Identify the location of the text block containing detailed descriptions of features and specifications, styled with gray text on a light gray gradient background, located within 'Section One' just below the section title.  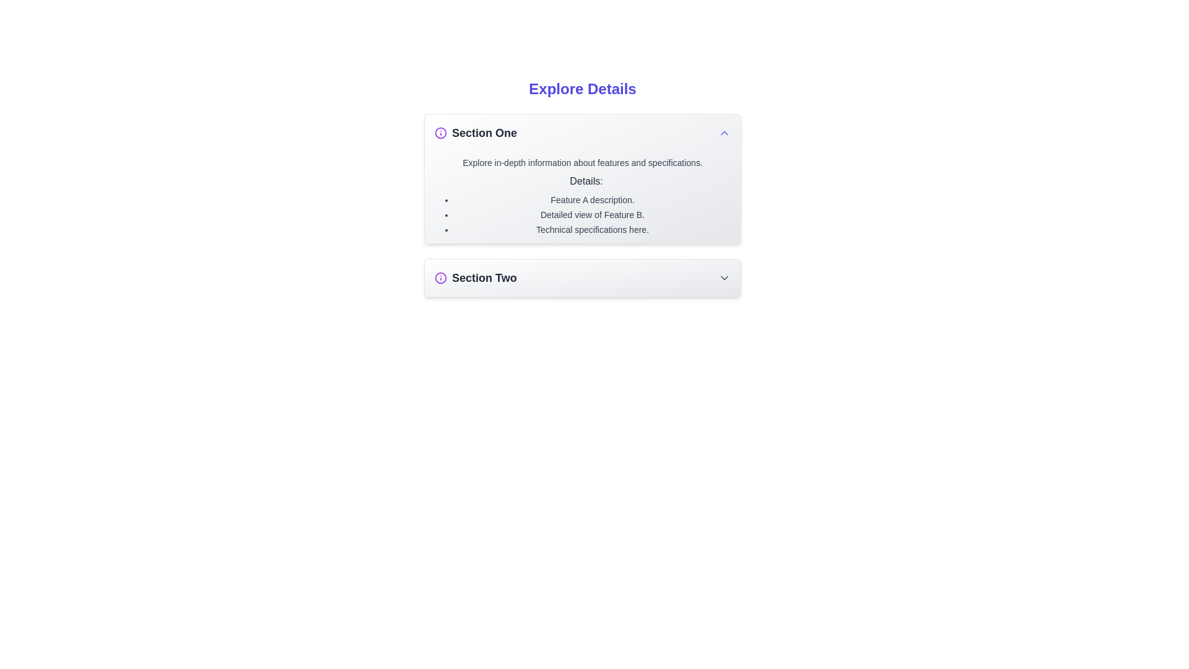
(581, 197).